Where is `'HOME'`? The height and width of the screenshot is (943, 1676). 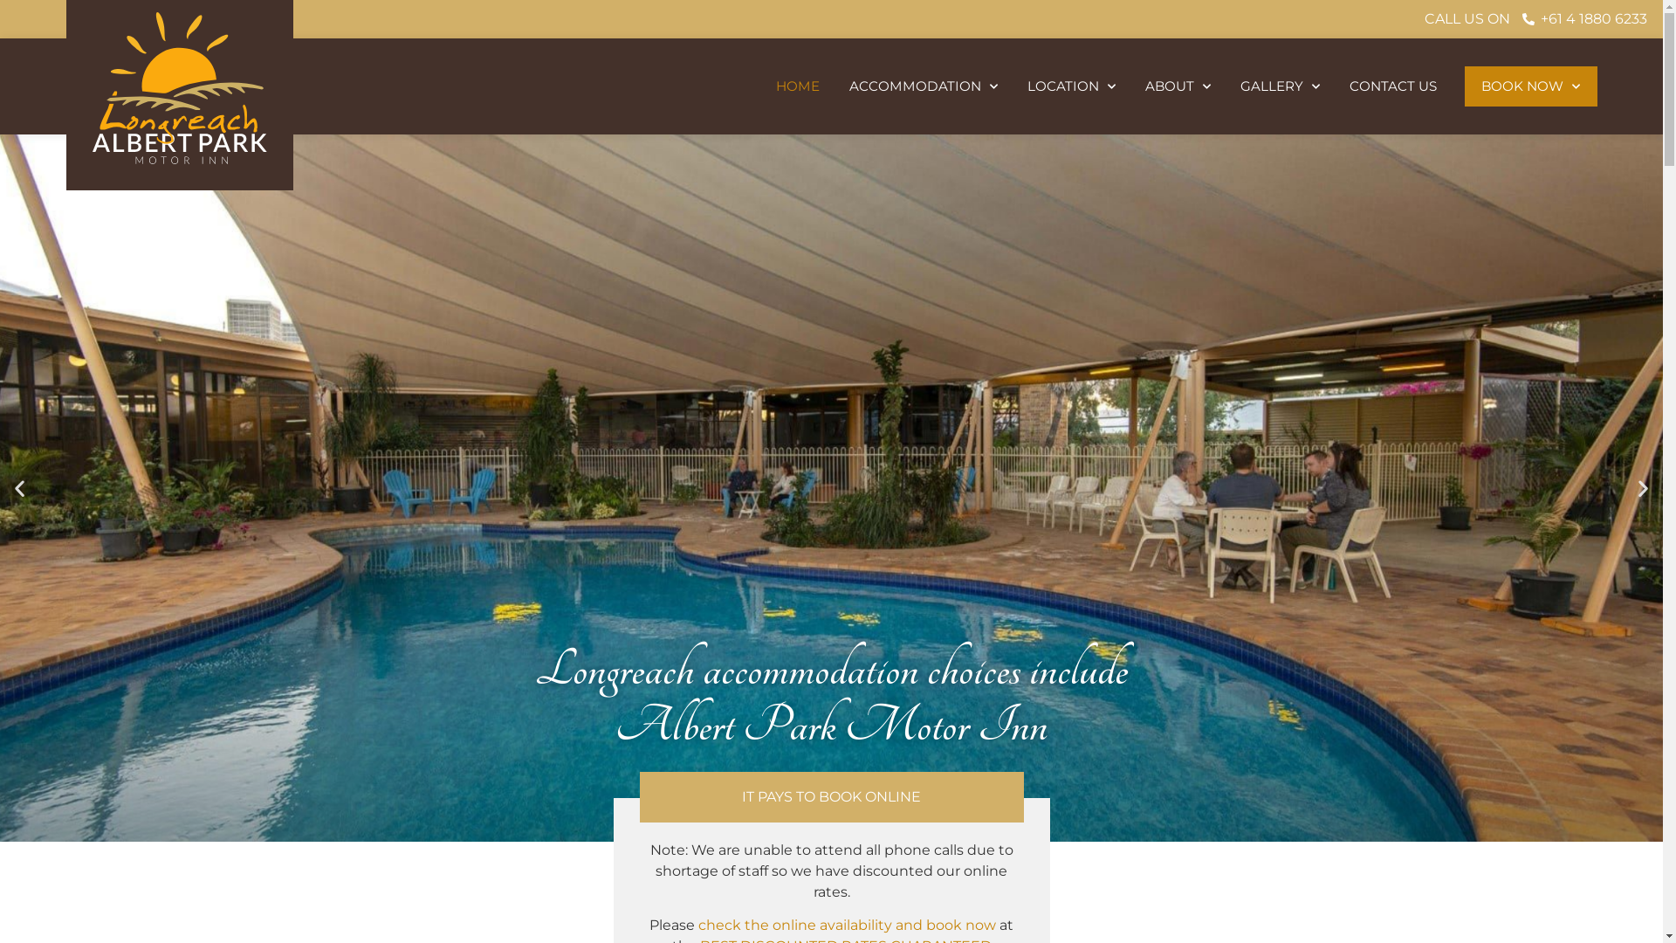 'HOME' is located at coordinates (796, 86).